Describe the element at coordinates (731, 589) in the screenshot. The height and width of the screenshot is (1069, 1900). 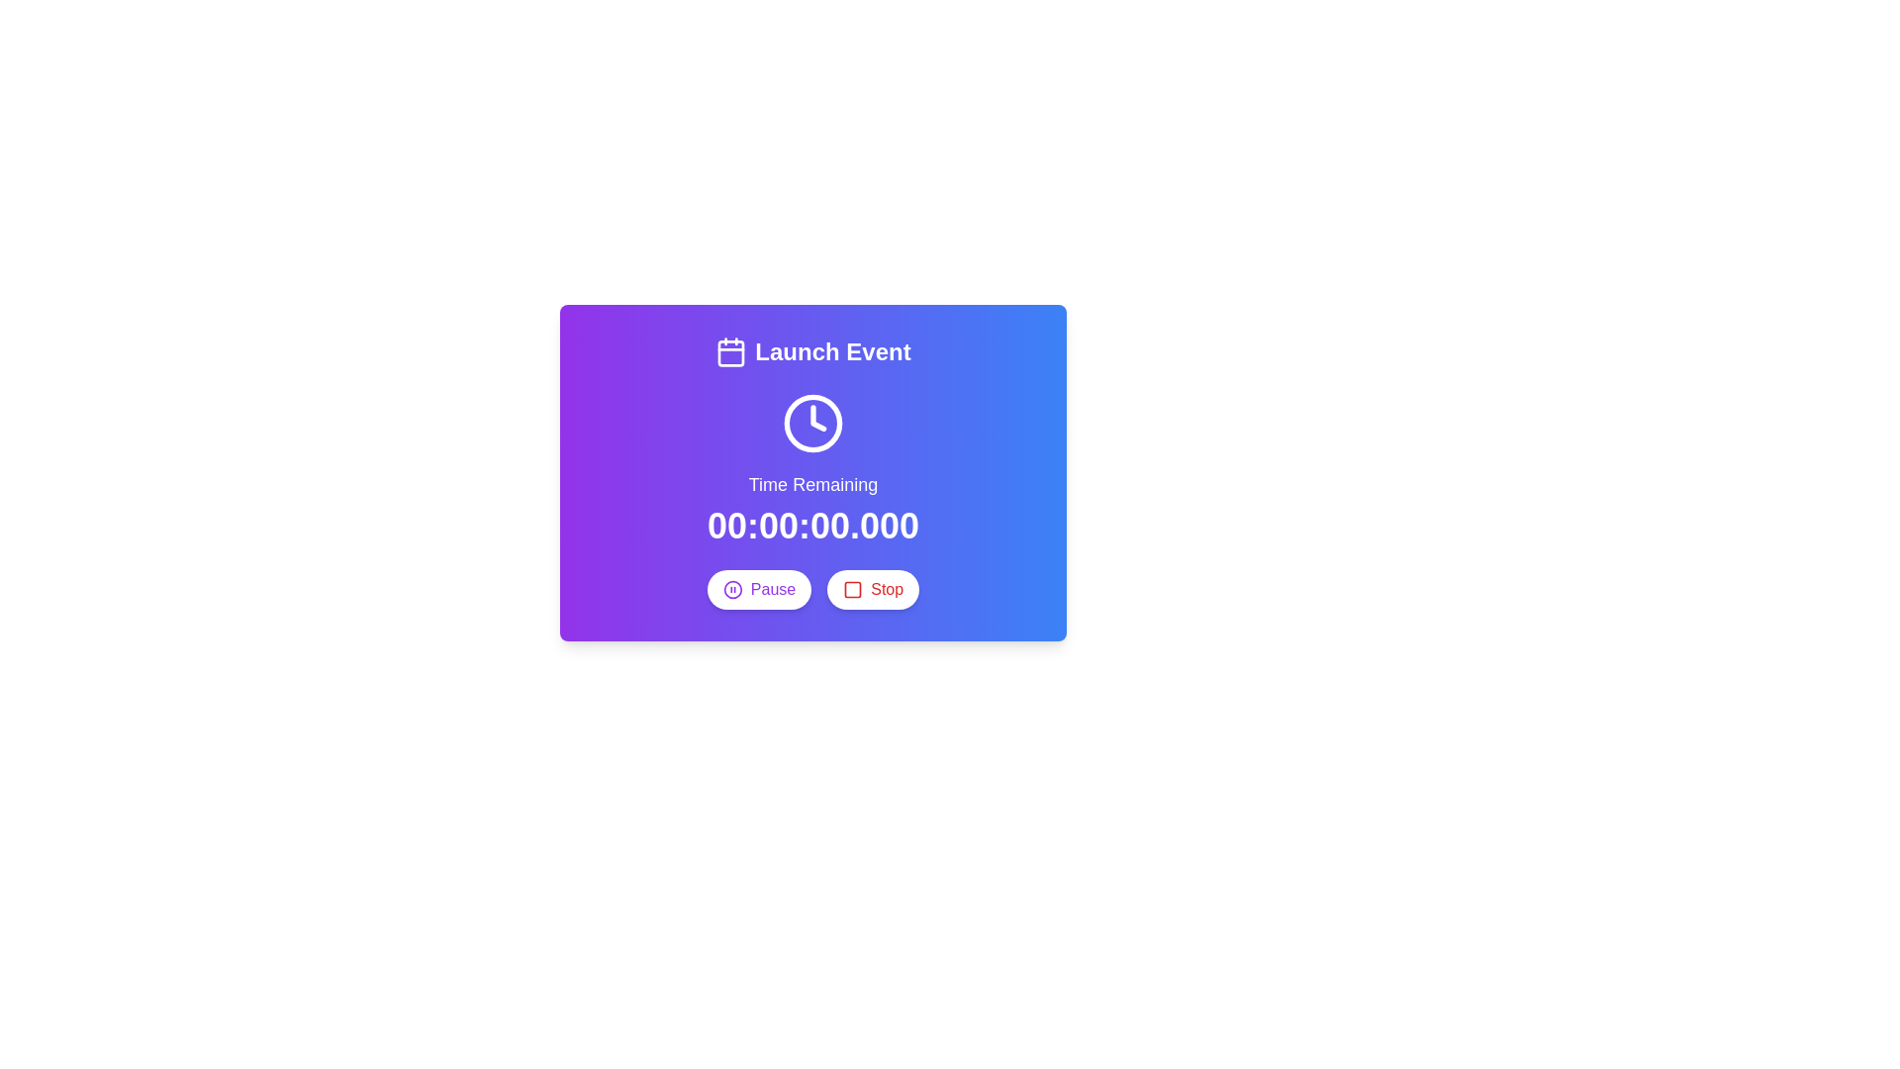
I see `the SVG Circle element that visually groups the 'Pause' icon, located within the purple-to-blue gradient background of the card interface` at that location.